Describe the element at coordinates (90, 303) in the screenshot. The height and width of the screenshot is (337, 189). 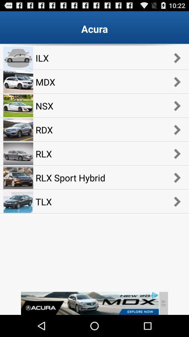
I see `advertisement space` at that location.